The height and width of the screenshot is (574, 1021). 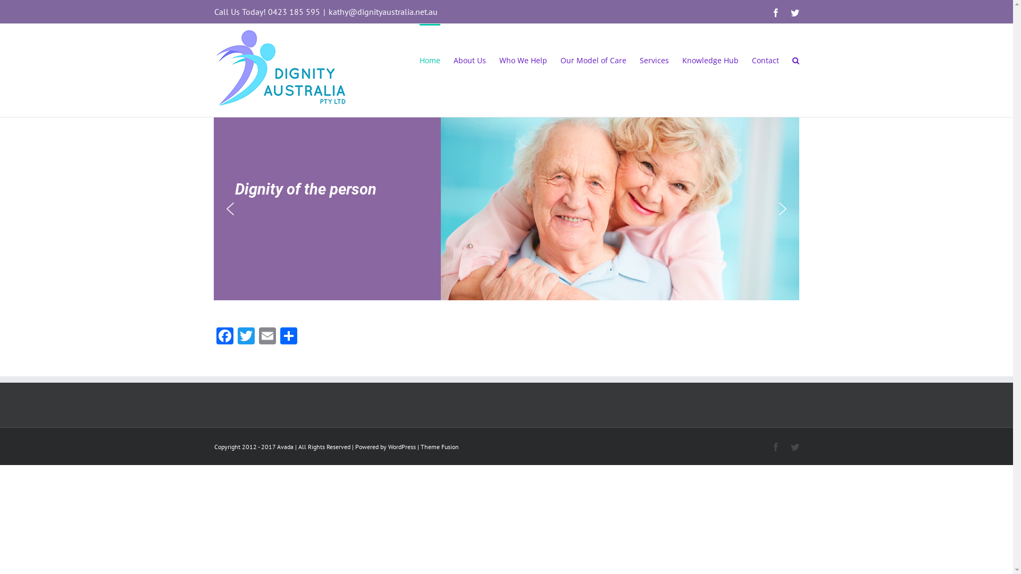 What do you see at coordinates (560, 60) in the screenshot?
I see `'Our Model of Care'` at bounding box center [560, 60].